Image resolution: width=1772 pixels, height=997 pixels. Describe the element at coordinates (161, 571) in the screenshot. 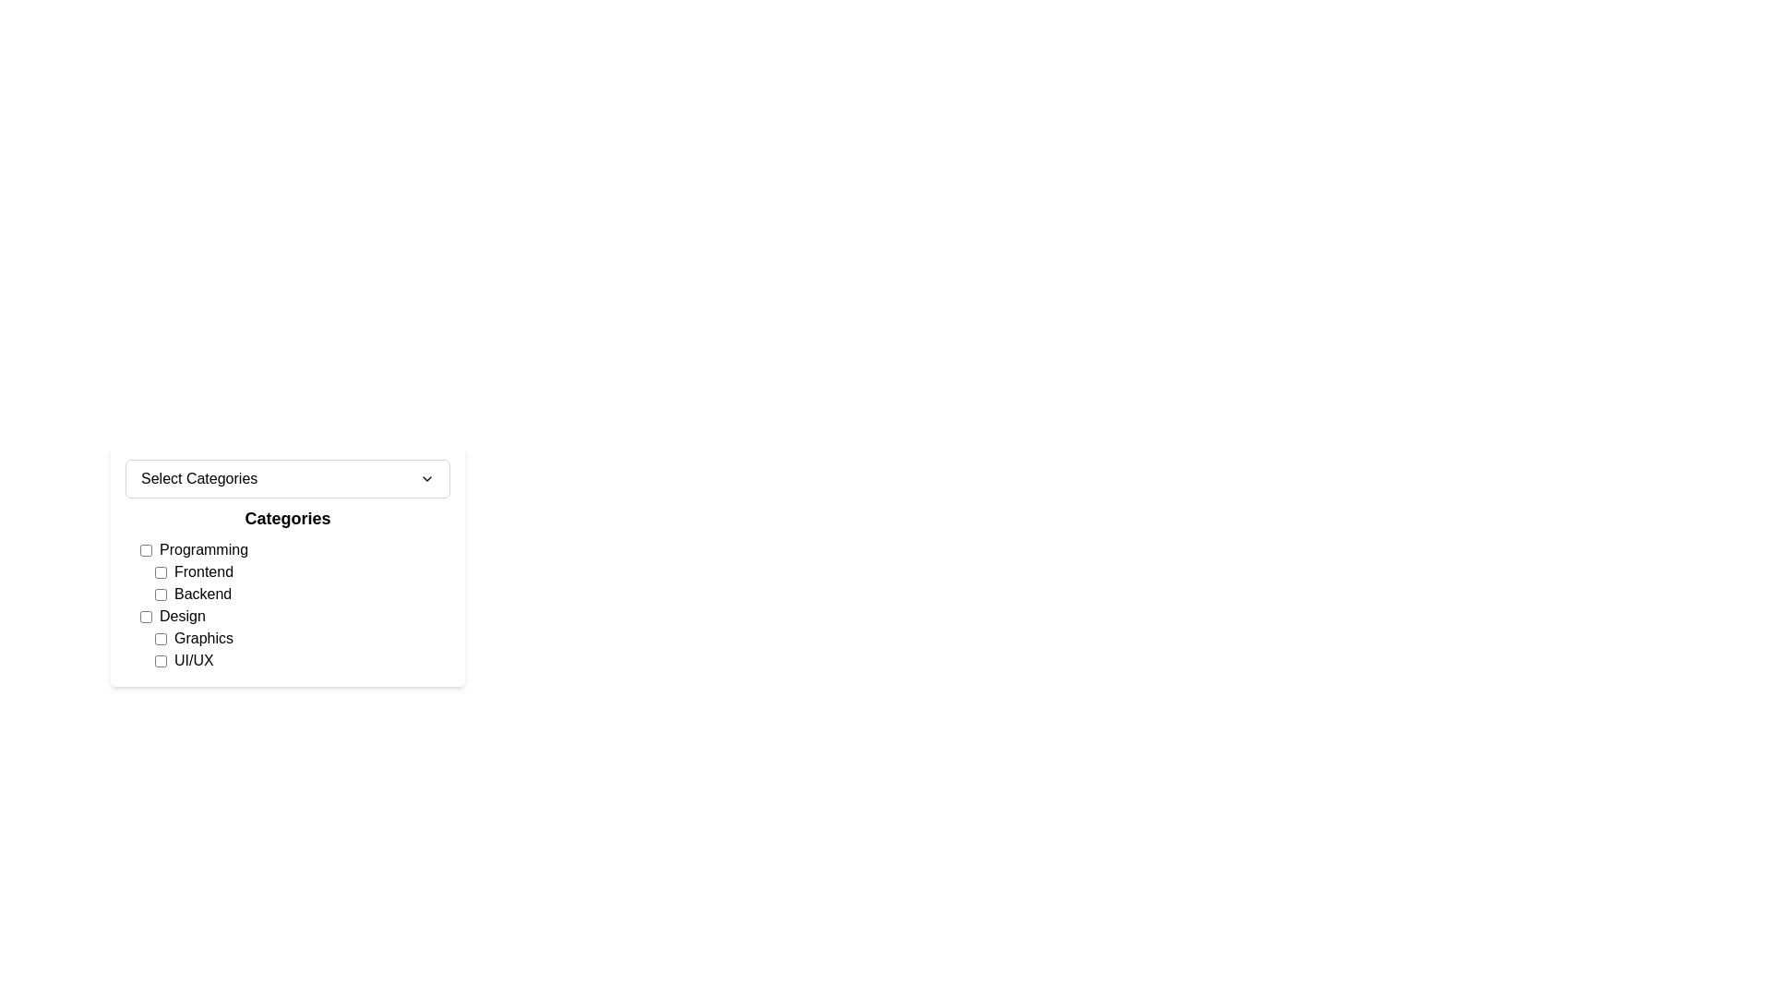

I see `the selected checkbox located to the left of the 'Frontend' label` at that location.